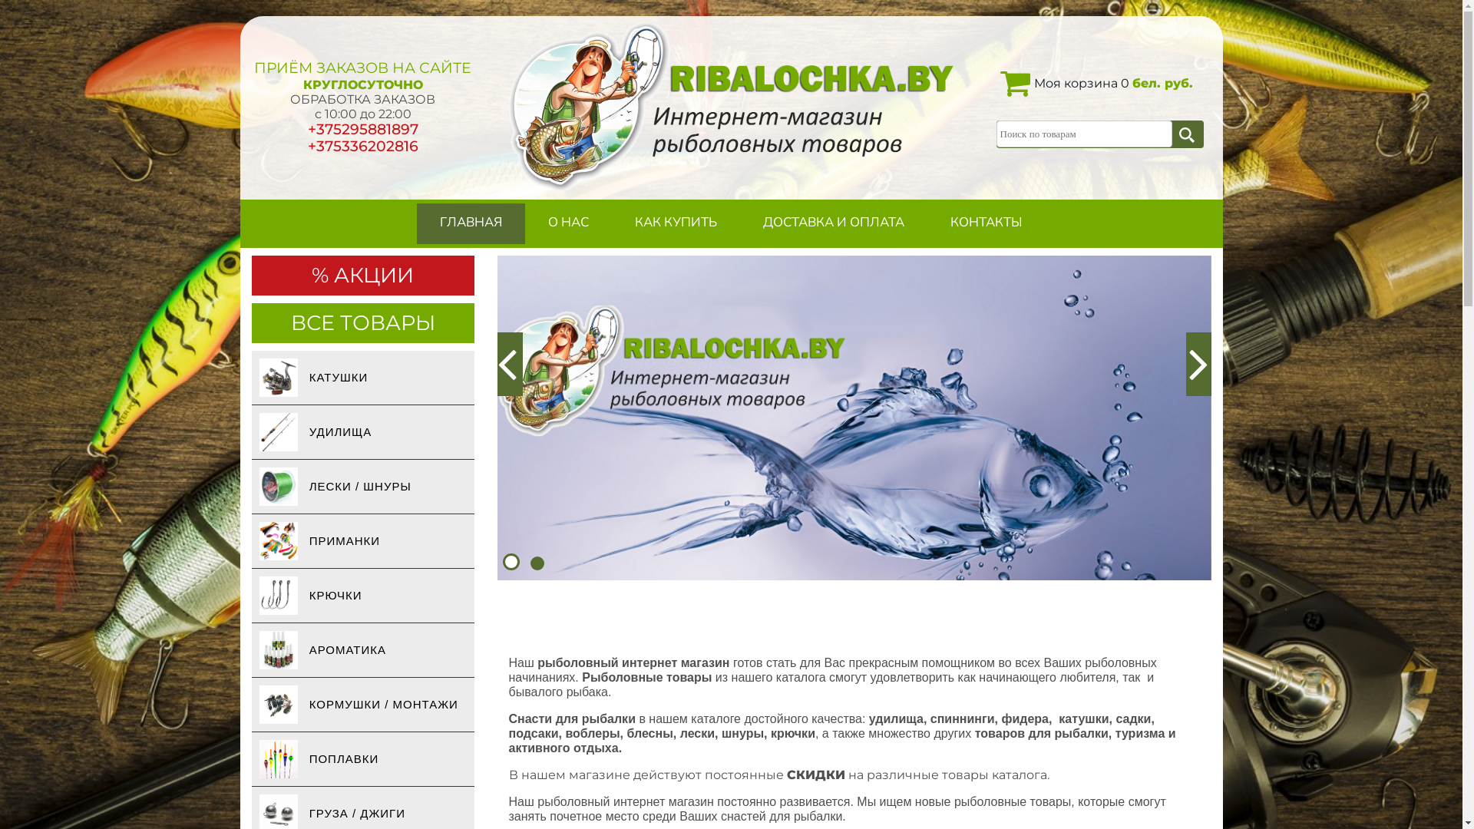  Describe the element at coordinates (361, 128) in the screenshot. I see `'+375295881897'` at that location.